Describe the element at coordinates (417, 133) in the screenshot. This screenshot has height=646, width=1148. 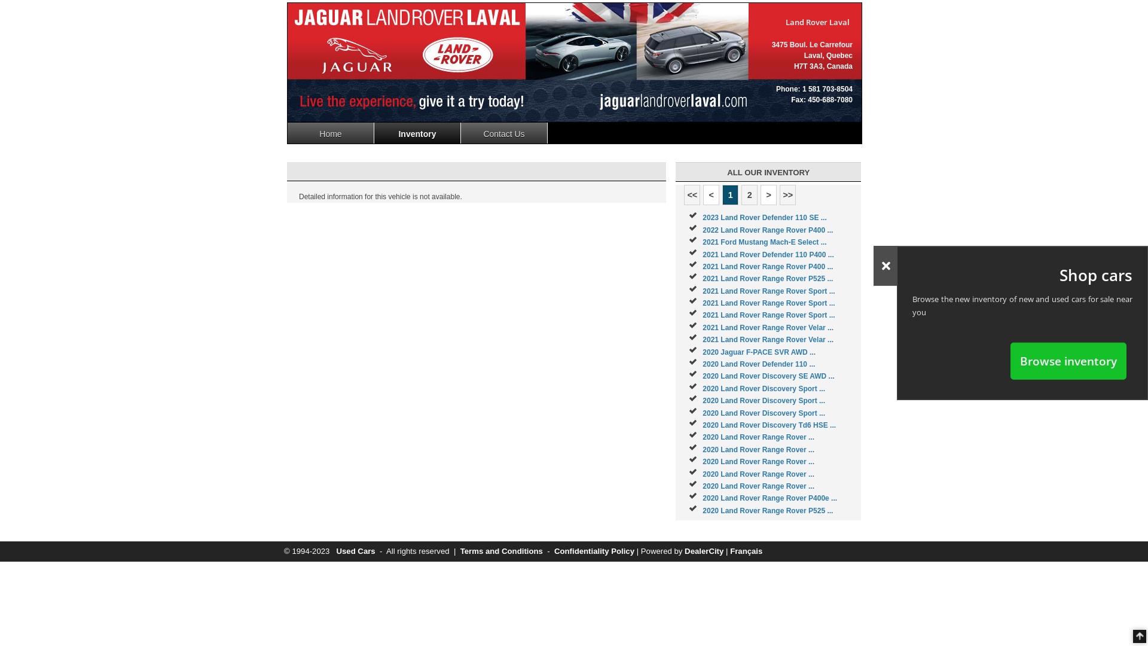
I see `'Inventory'` at that location.